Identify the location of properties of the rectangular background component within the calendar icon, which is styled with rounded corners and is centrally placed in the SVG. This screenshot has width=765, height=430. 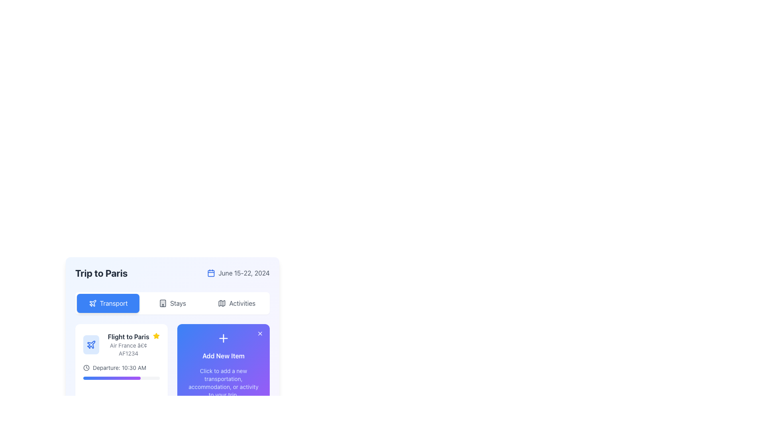
(211, 273).